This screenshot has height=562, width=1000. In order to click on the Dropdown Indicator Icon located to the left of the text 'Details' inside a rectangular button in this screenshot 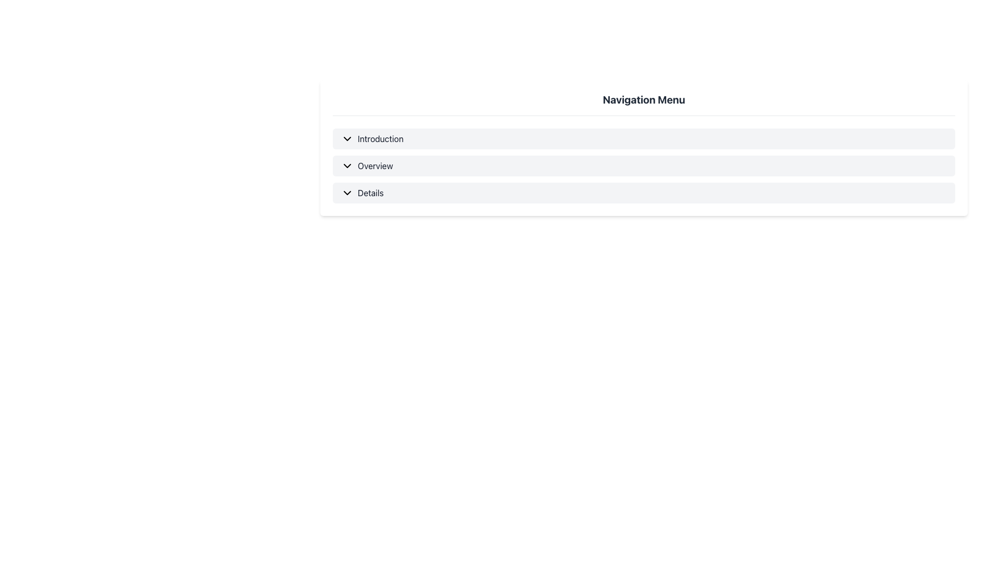, I will do `click(347, 193)`.